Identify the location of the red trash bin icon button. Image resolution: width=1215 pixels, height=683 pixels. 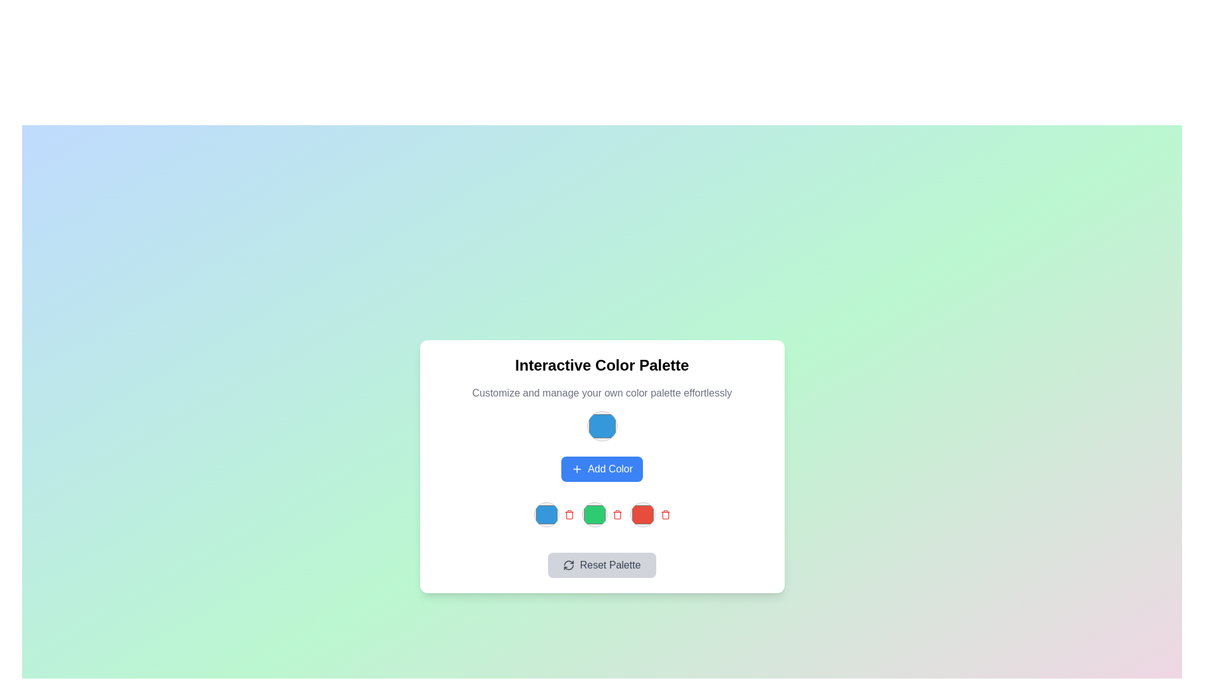
(568, 514).